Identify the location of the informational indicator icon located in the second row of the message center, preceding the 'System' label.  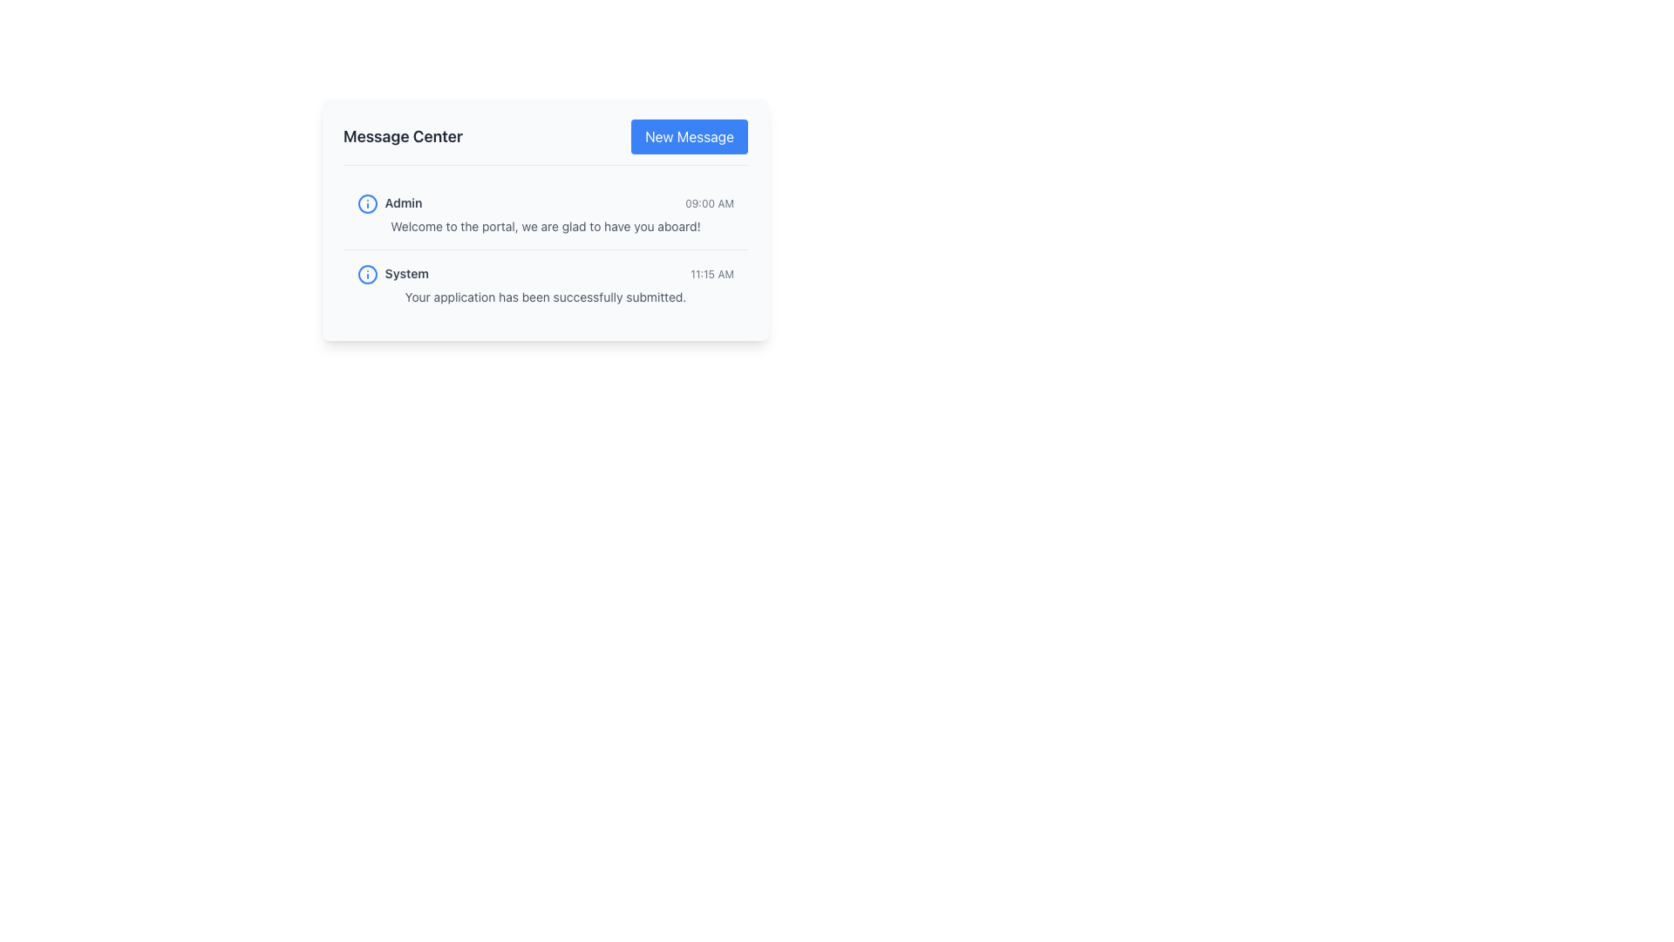
(367, 203).